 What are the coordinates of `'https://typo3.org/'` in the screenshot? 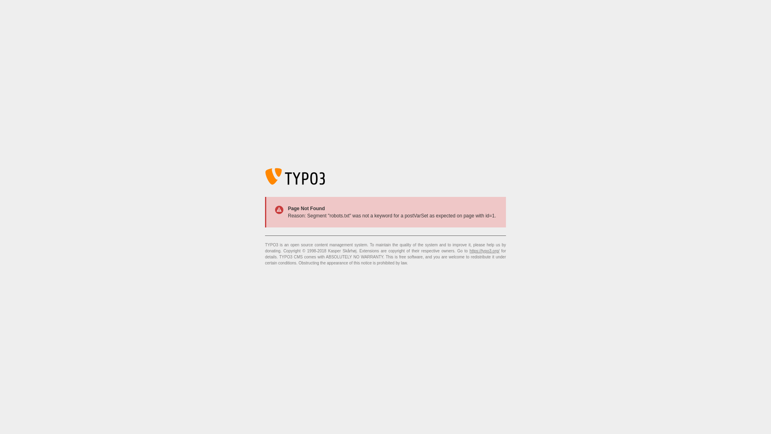 It's located at (484, 250).